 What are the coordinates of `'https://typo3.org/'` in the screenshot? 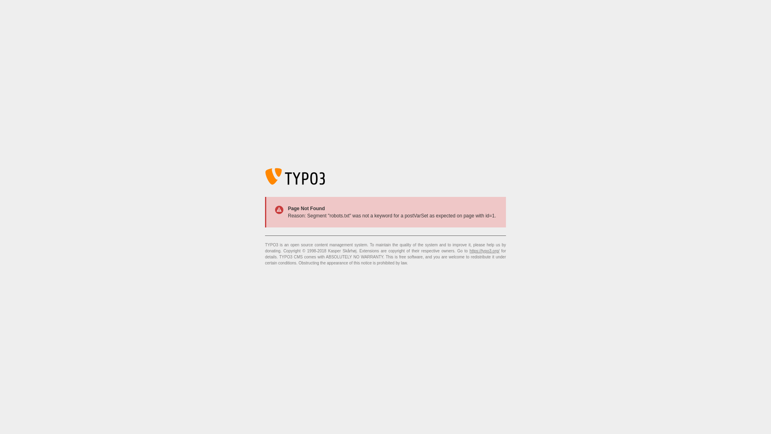 It's located at (484, 250).